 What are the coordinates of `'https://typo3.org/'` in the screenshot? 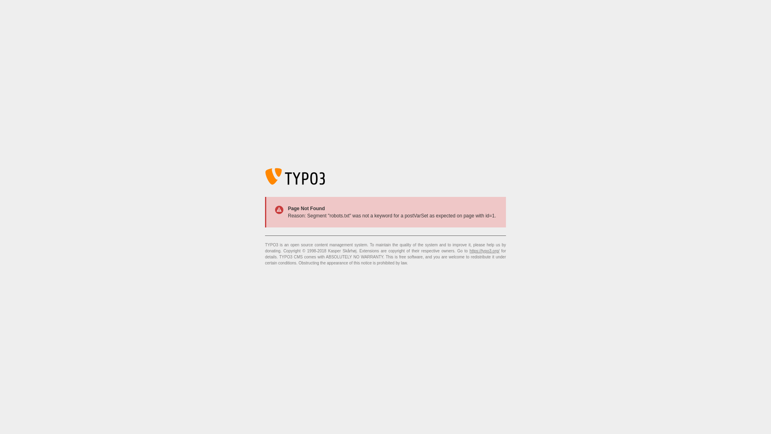 It's located at (484, 250).